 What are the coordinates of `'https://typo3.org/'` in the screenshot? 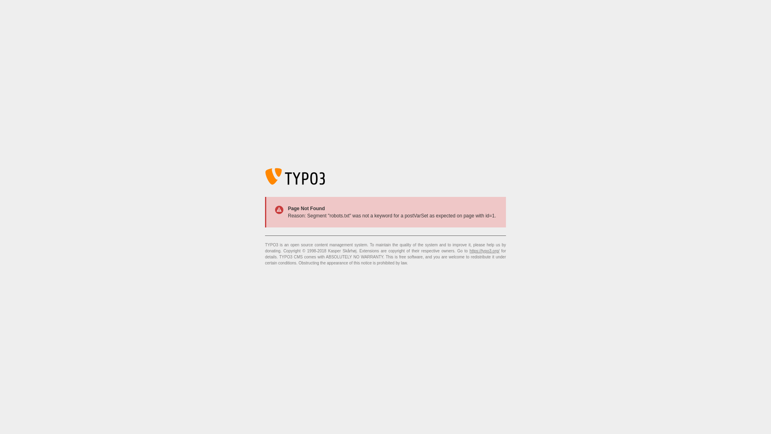 It's located at (484, 250).